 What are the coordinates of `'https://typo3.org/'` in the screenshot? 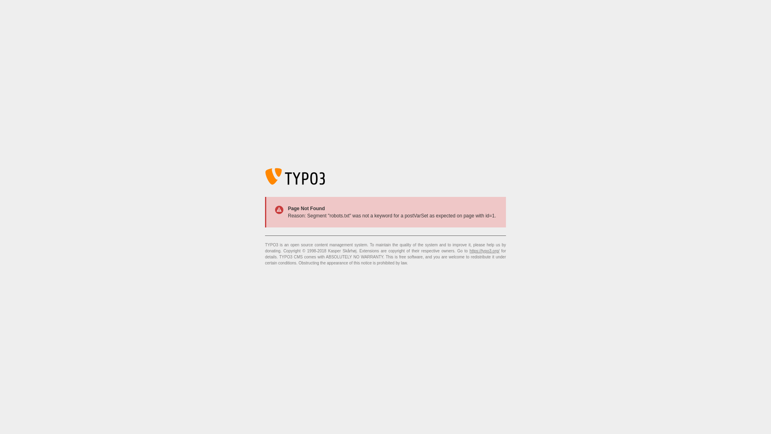 It's located at (484, 250).